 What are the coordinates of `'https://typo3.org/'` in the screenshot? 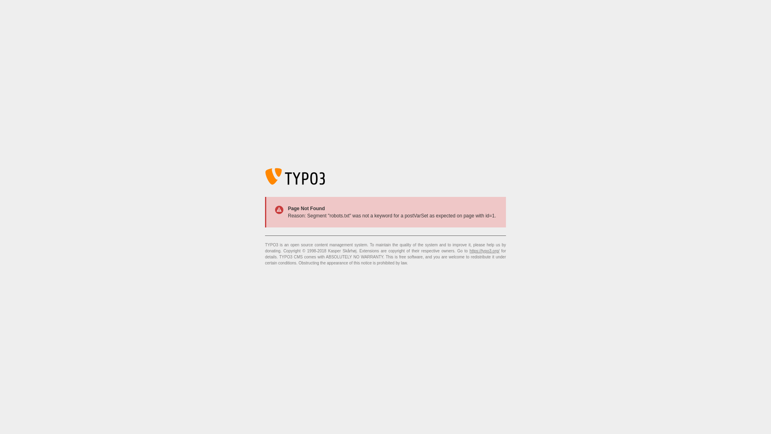 It's located at (484, 250).